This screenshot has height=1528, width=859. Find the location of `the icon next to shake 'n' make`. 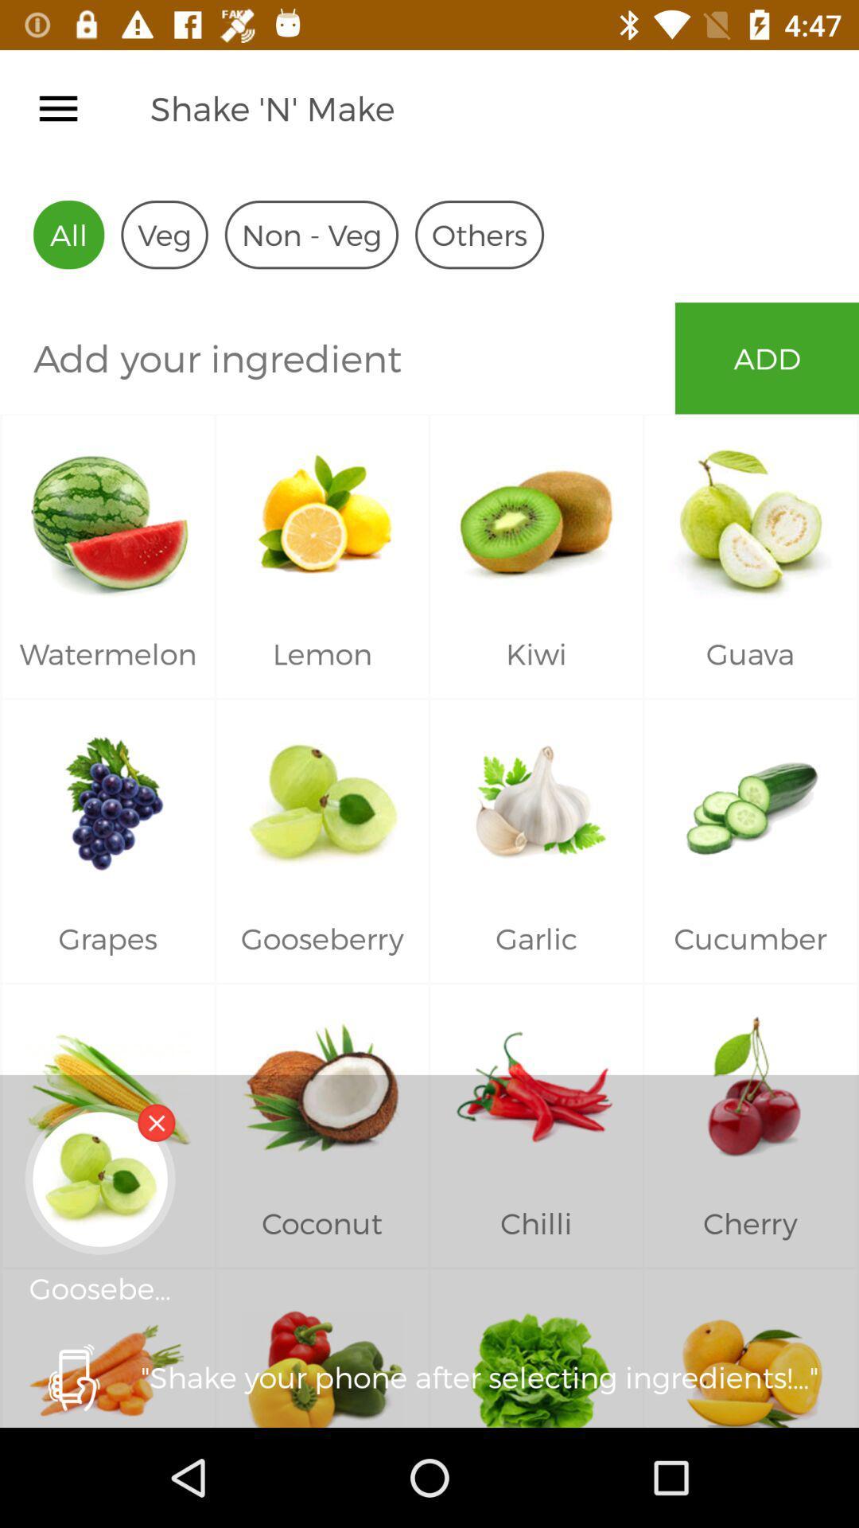

the icon next to shake 'n' make is located at coordinates (57, 107).